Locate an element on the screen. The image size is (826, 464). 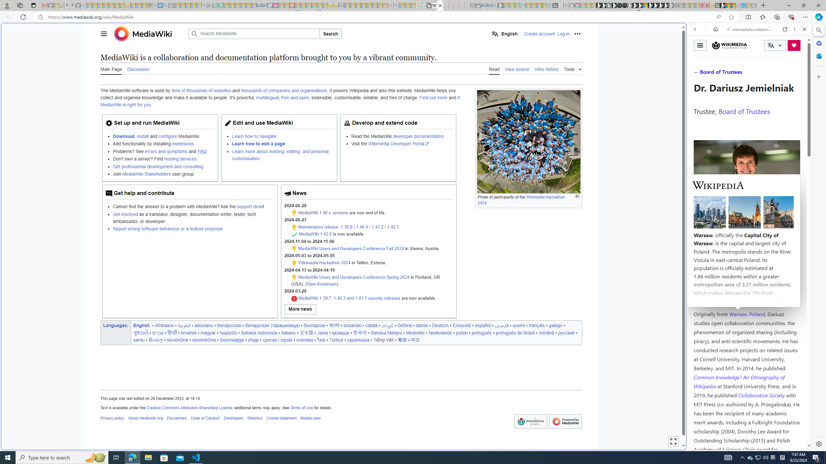
'extensions' is located at coordinates (183, 143).